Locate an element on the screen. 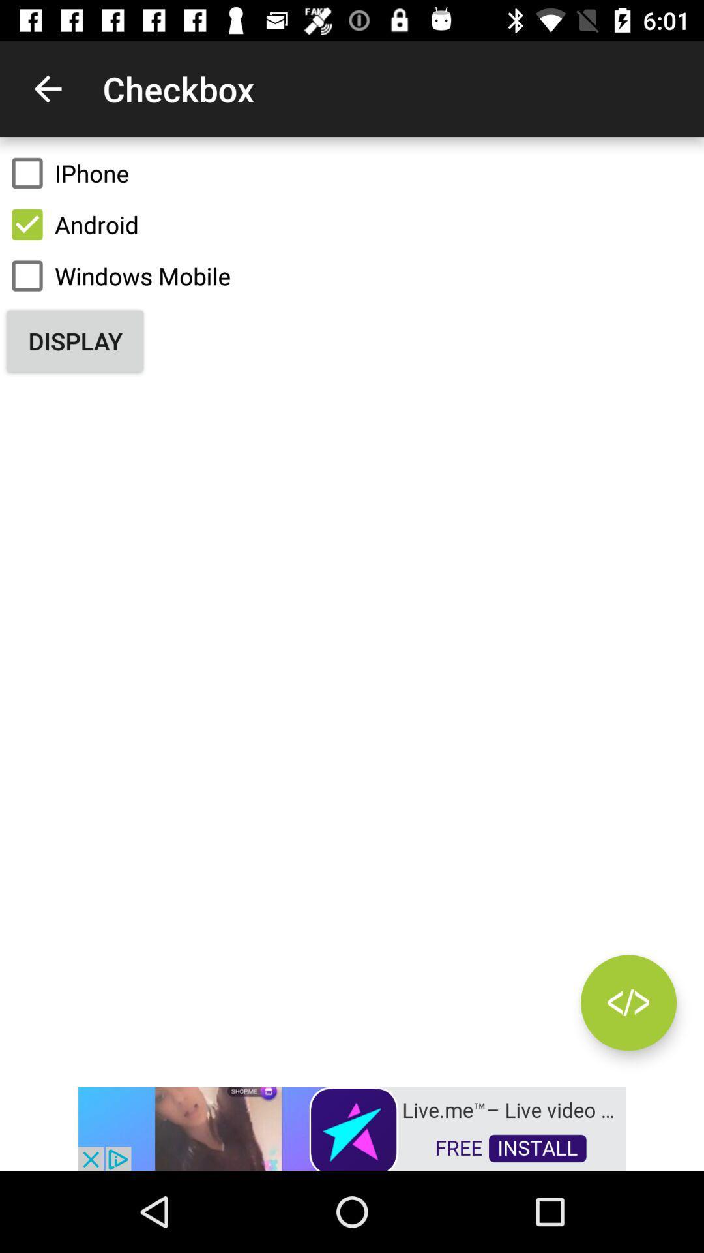 Image resolution: width=704 pixels, height=1253 pixels. advertisement is located at coordinates (352, 1127).